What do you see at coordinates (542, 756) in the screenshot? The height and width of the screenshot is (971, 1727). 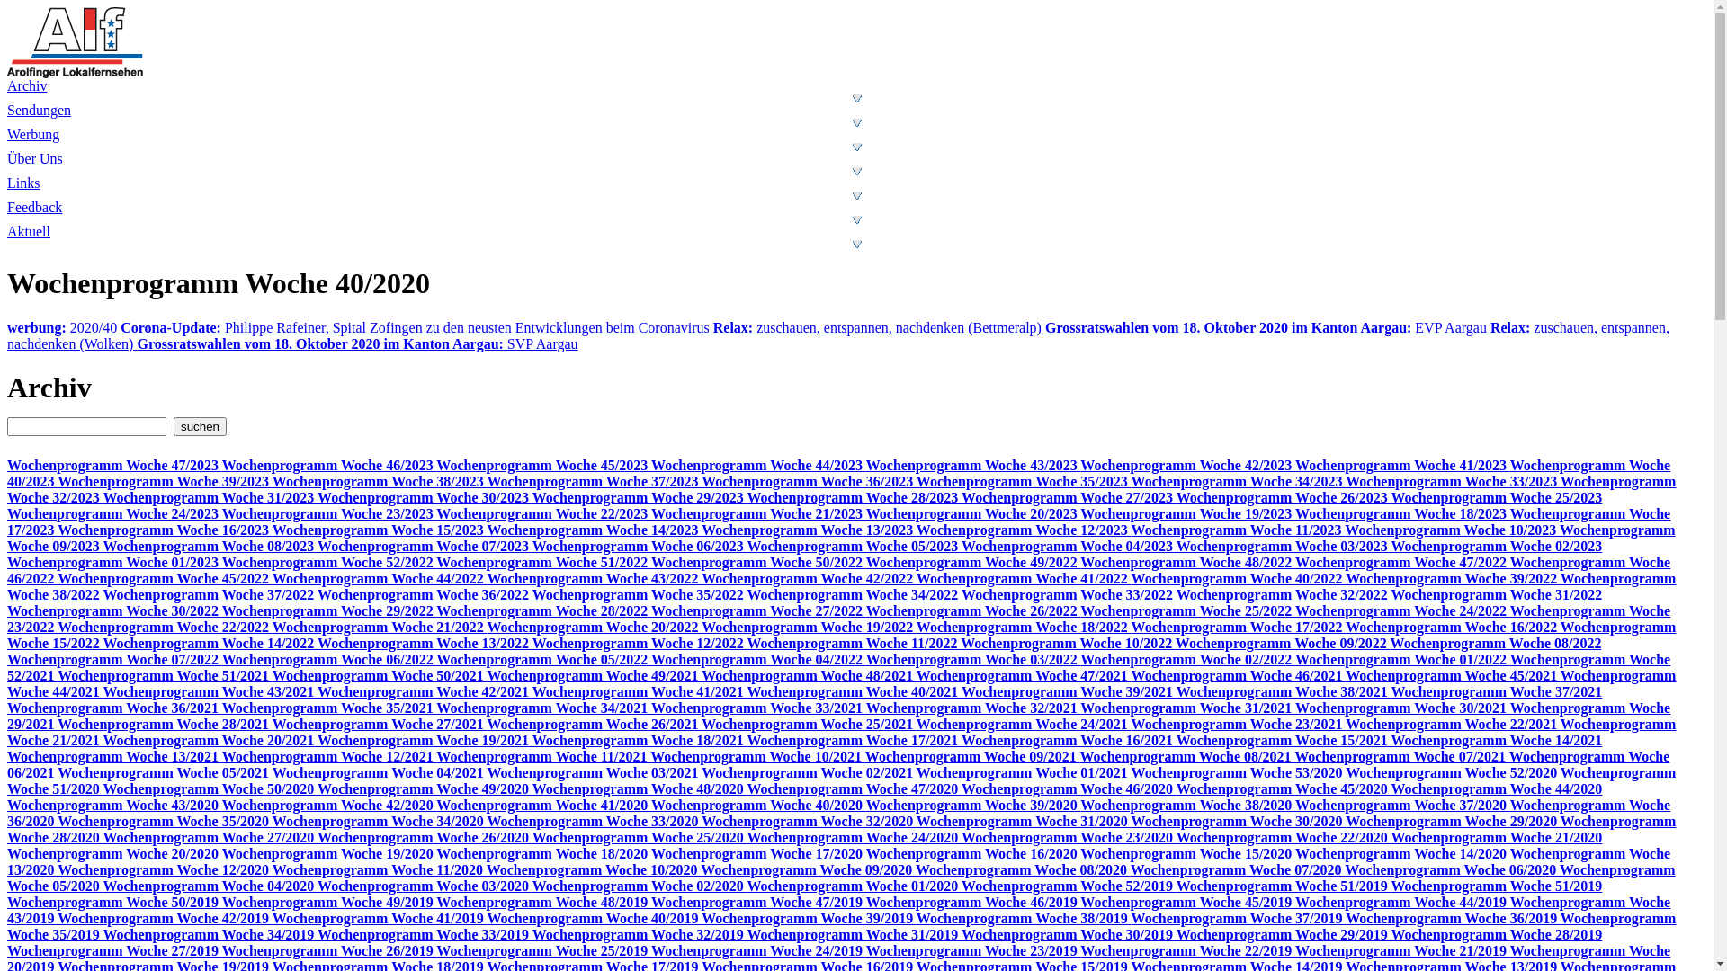 I see `'Wochenprogramm Woche 11/2021'` at bounding box center [542, 756].